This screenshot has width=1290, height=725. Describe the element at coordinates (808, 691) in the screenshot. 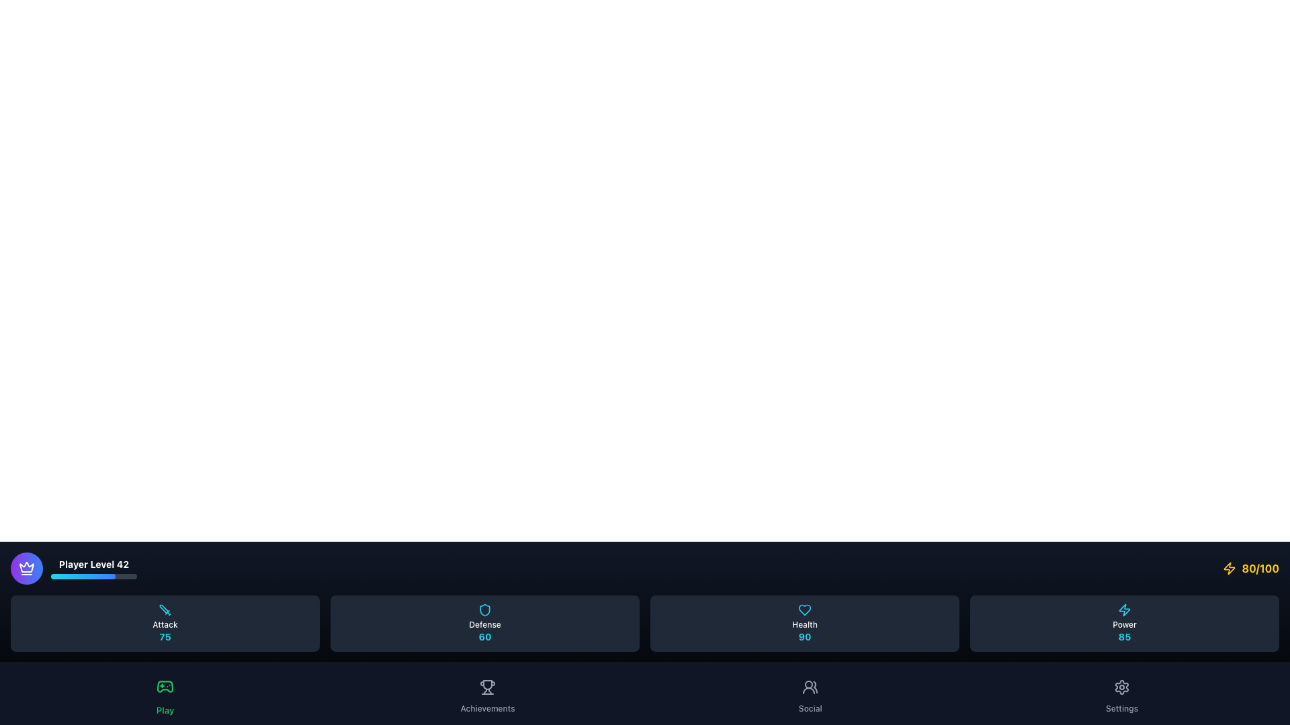

I see `the curved line part of the group icon located at the bottom of the interface, which represents social features` at that location.